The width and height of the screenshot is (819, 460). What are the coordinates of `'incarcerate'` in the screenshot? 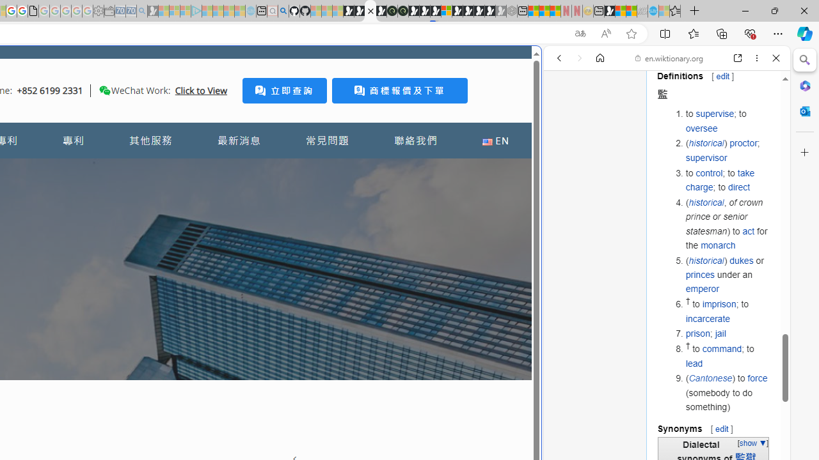 It's located at (707, 318).